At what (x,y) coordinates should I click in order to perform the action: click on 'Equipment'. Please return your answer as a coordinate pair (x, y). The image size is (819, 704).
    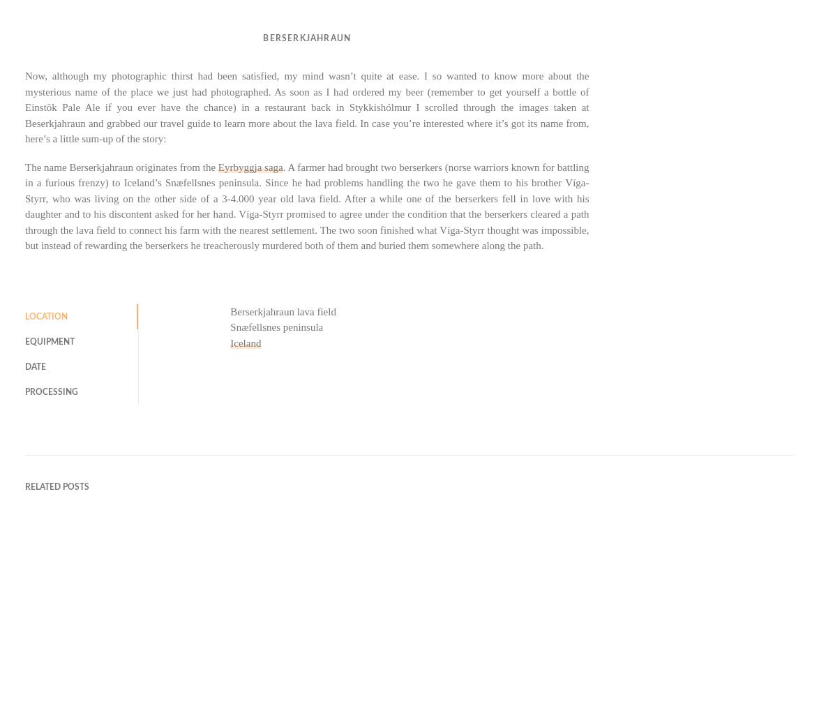
    Looking at the image, I should click on (50, 340).